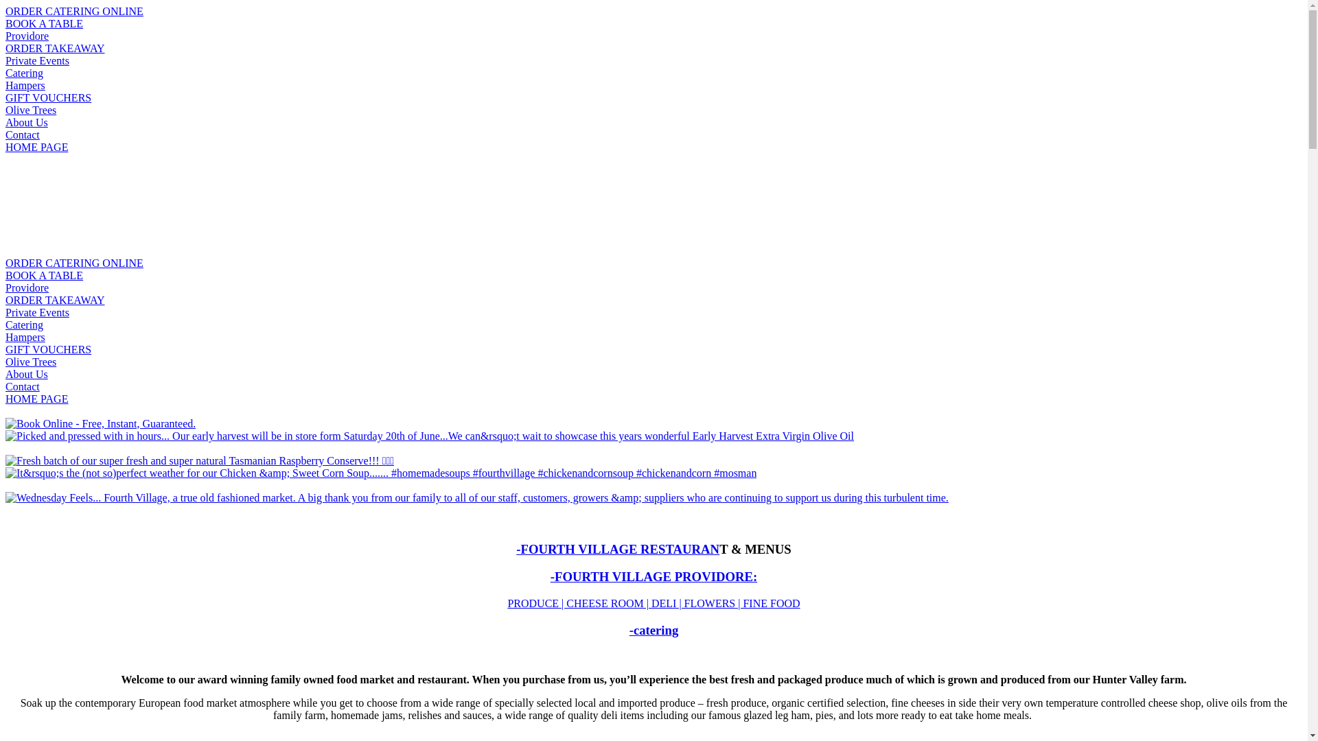 The image size is (1318, 741). I want to click on 'Catering', so click(24, 73).